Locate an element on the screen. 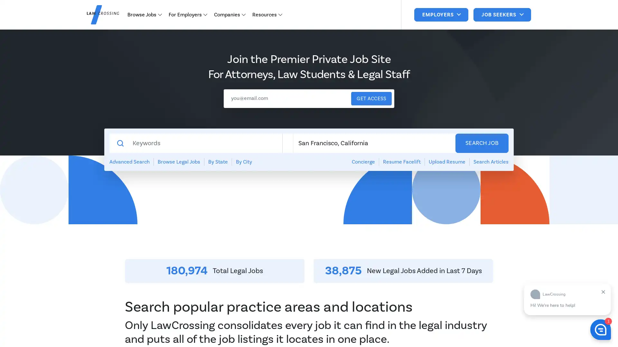 This screenshot has width=618, height=347. SEARCH JOB is located at coordinates (482, 143).